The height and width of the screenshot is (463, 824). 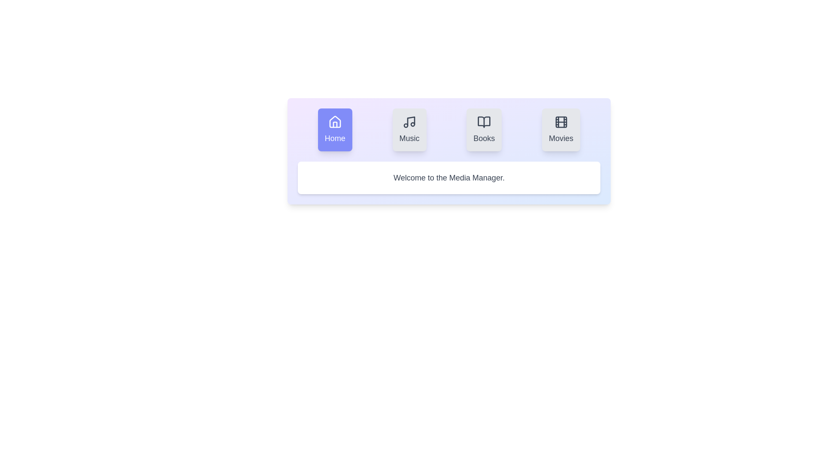 I want to click on the Music tab to view its content, so click(x=409, y=130).